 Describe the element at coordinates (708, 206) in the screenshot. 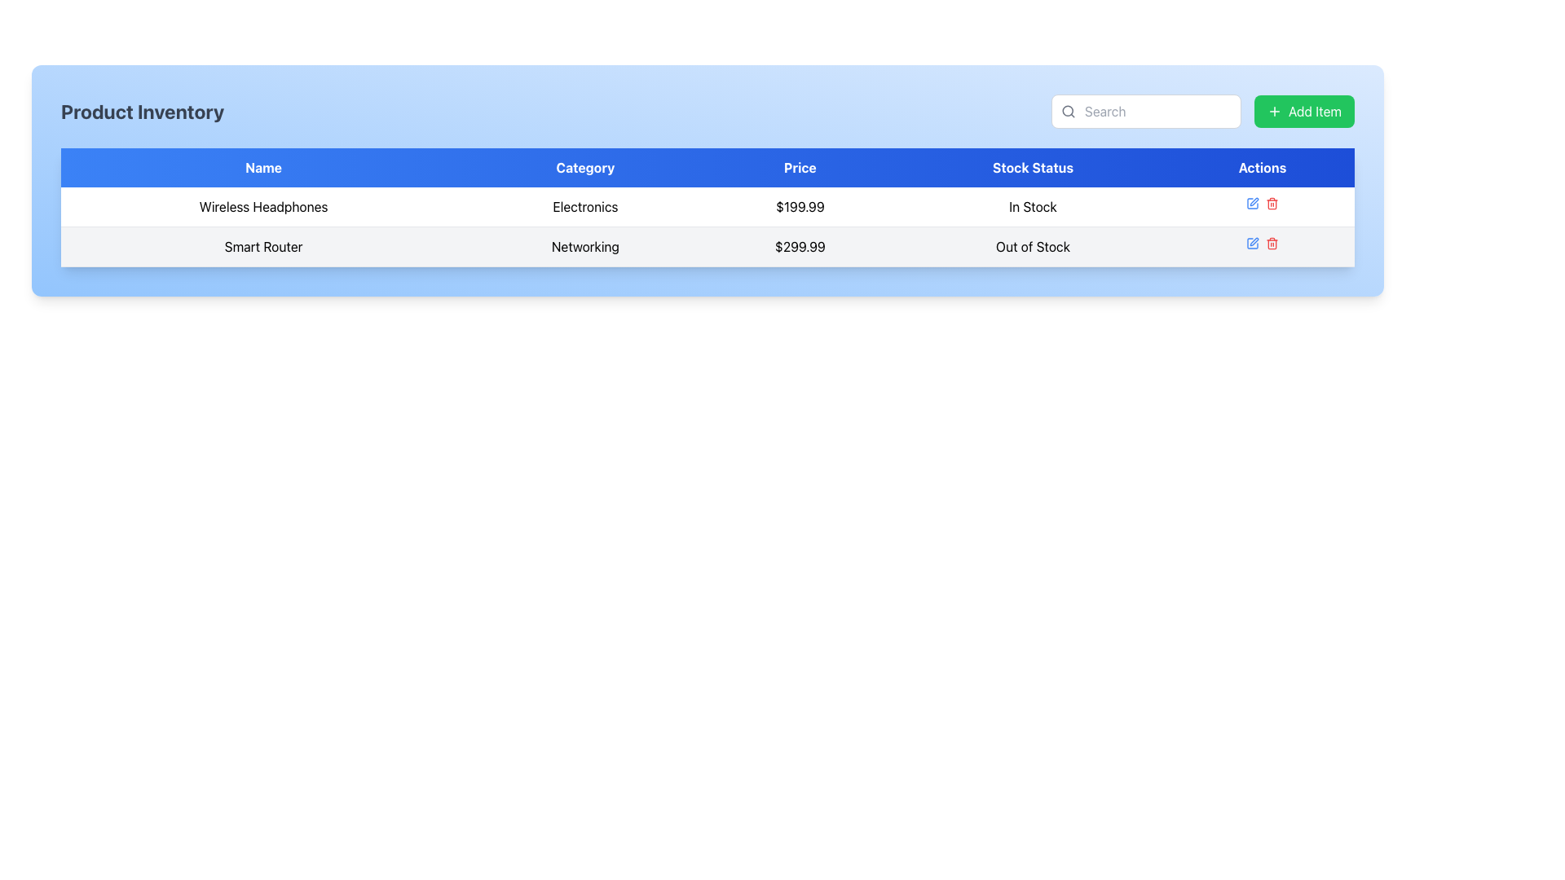

I see `the first row of the 'Product Inventory' table that displays details for the 'Wireless Headphones' product` at that location.